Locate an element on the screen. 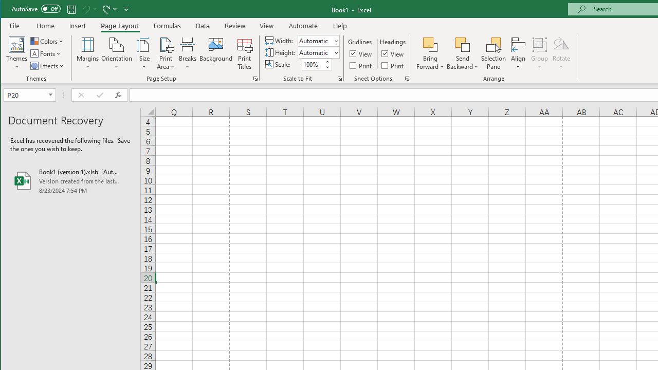 This screenshot has width=658, height=370. 'More' is located at coordinates (326, 62).